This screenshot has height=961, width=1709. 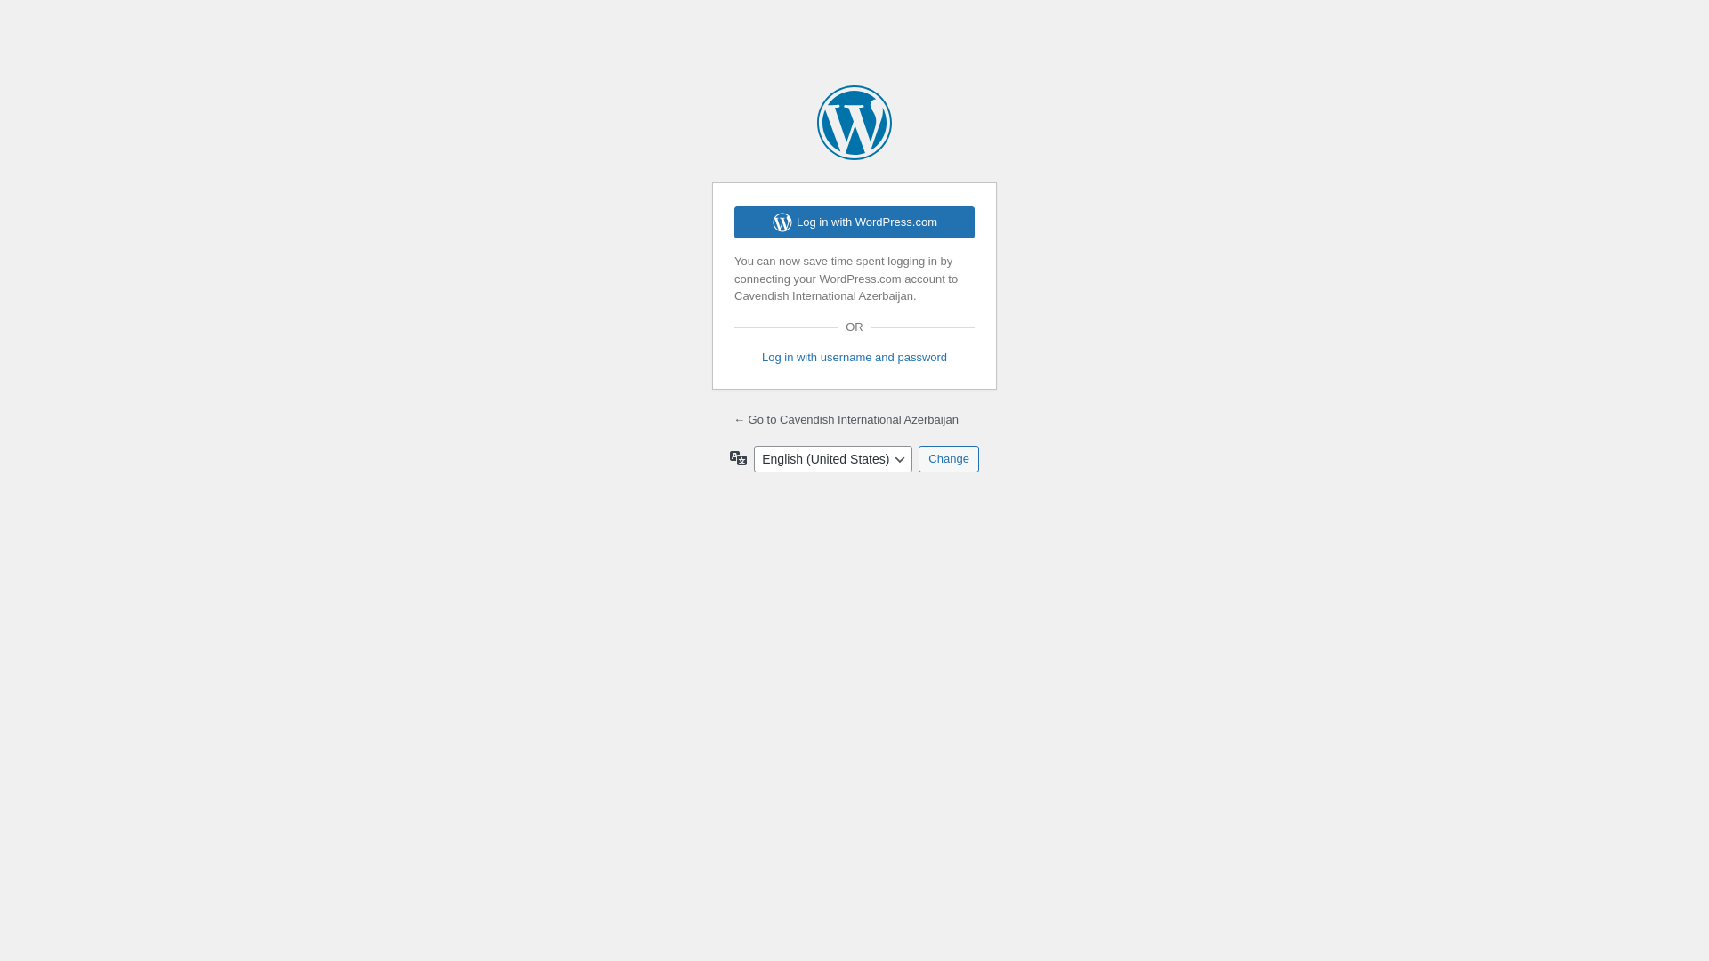 I want to click on 'Log in with username and password', so click(x=854, y=357).